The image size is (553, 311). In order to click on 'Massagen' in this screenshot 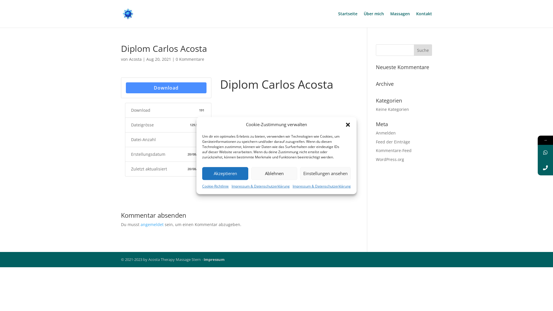, I will do `click(399, 19)`.